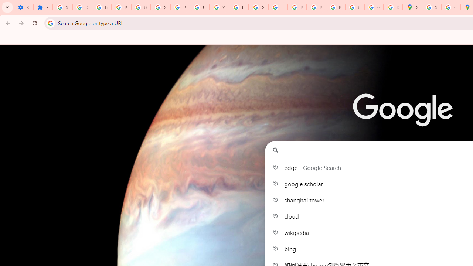 The height and width of the screenshot is (266, 473). I want to click on 'Settings - On startup', so click(23, 7).